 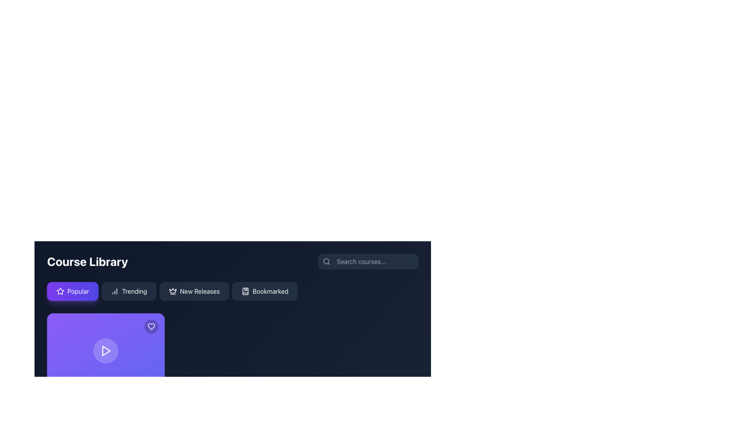 I want to click on the play icon located on the left side of the grid card within the 'Popular' section in the Course Library interface, so click(x=106, y=350).